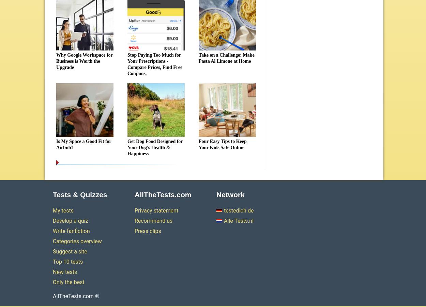 Image resolution: width=426 pixels, height=307 pixels. I want to click on 'Top 10 tests', so click(67, 261).